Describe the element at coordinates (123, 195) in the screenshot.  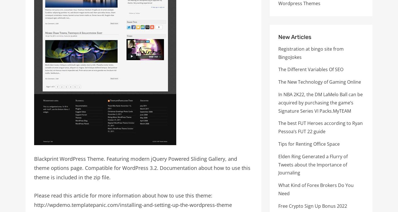
I see `'Please read this article for more information about how to use this theme:'` at that location.